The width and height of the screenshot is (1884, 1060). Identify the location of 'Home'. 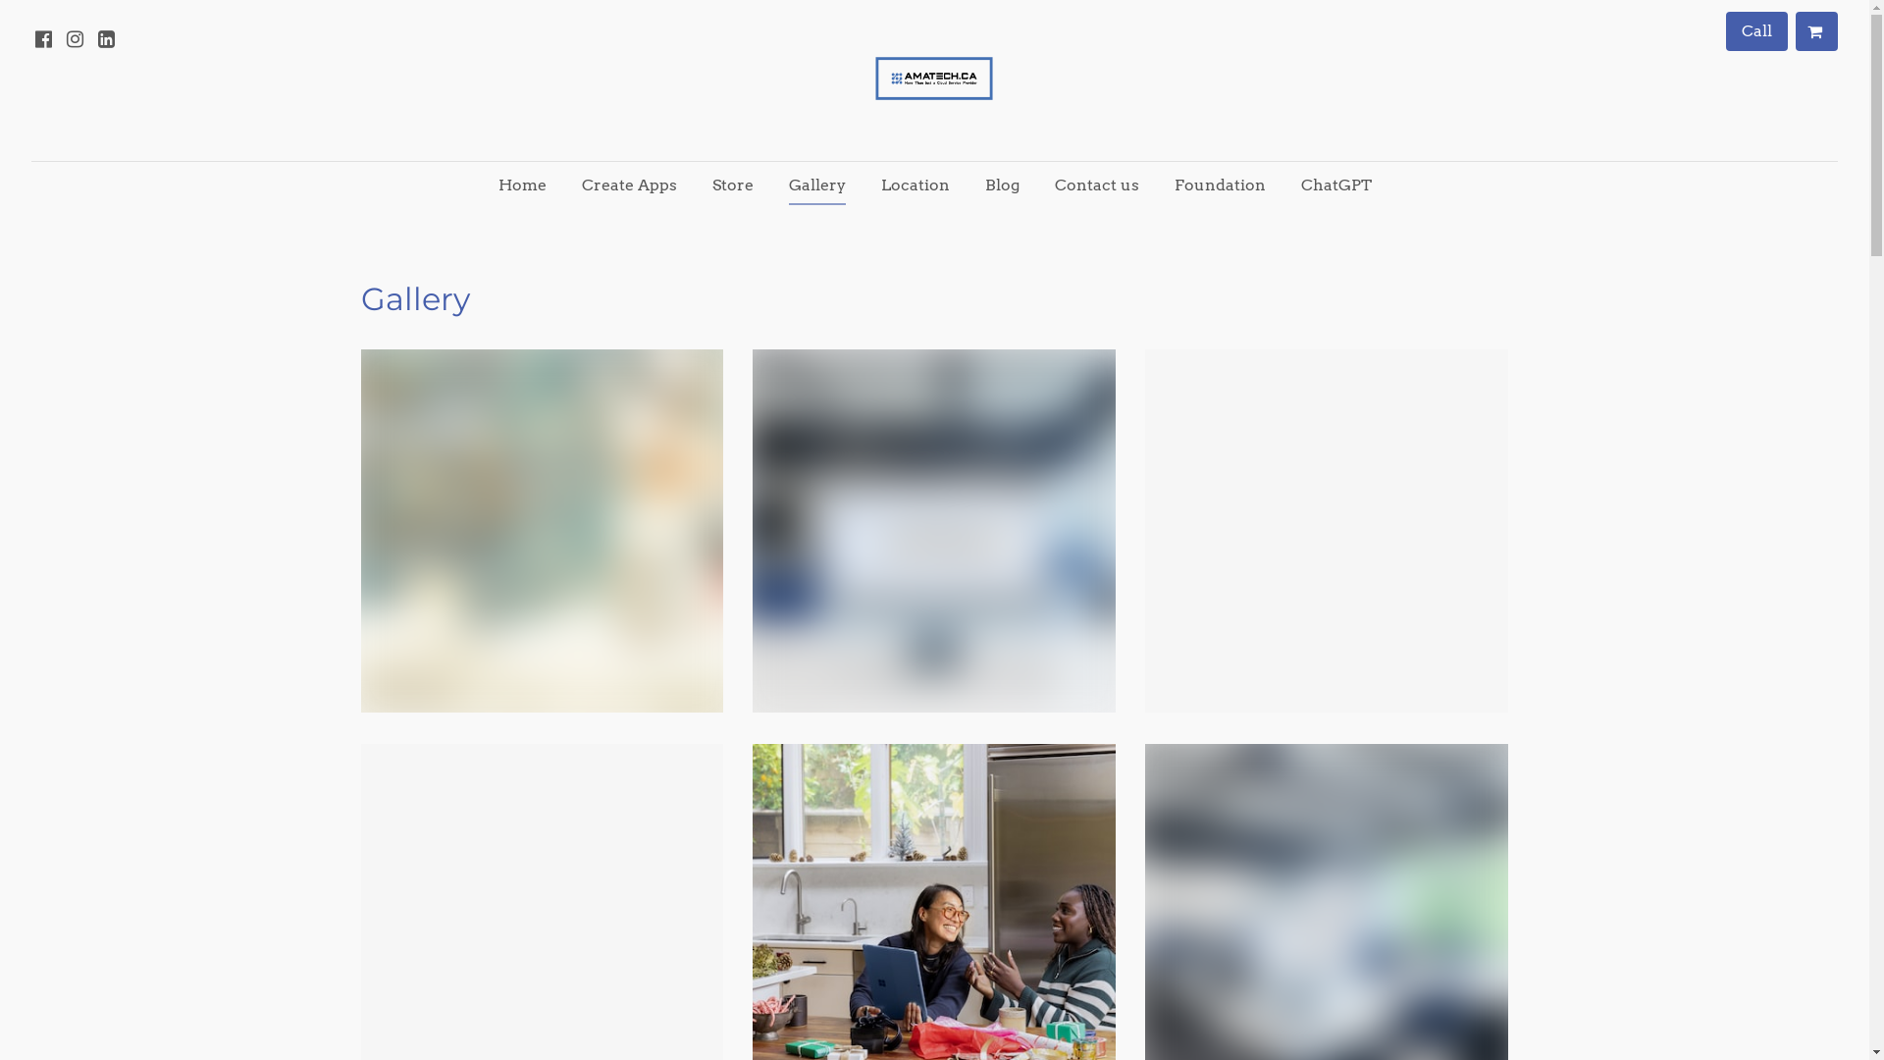
(482, 185).